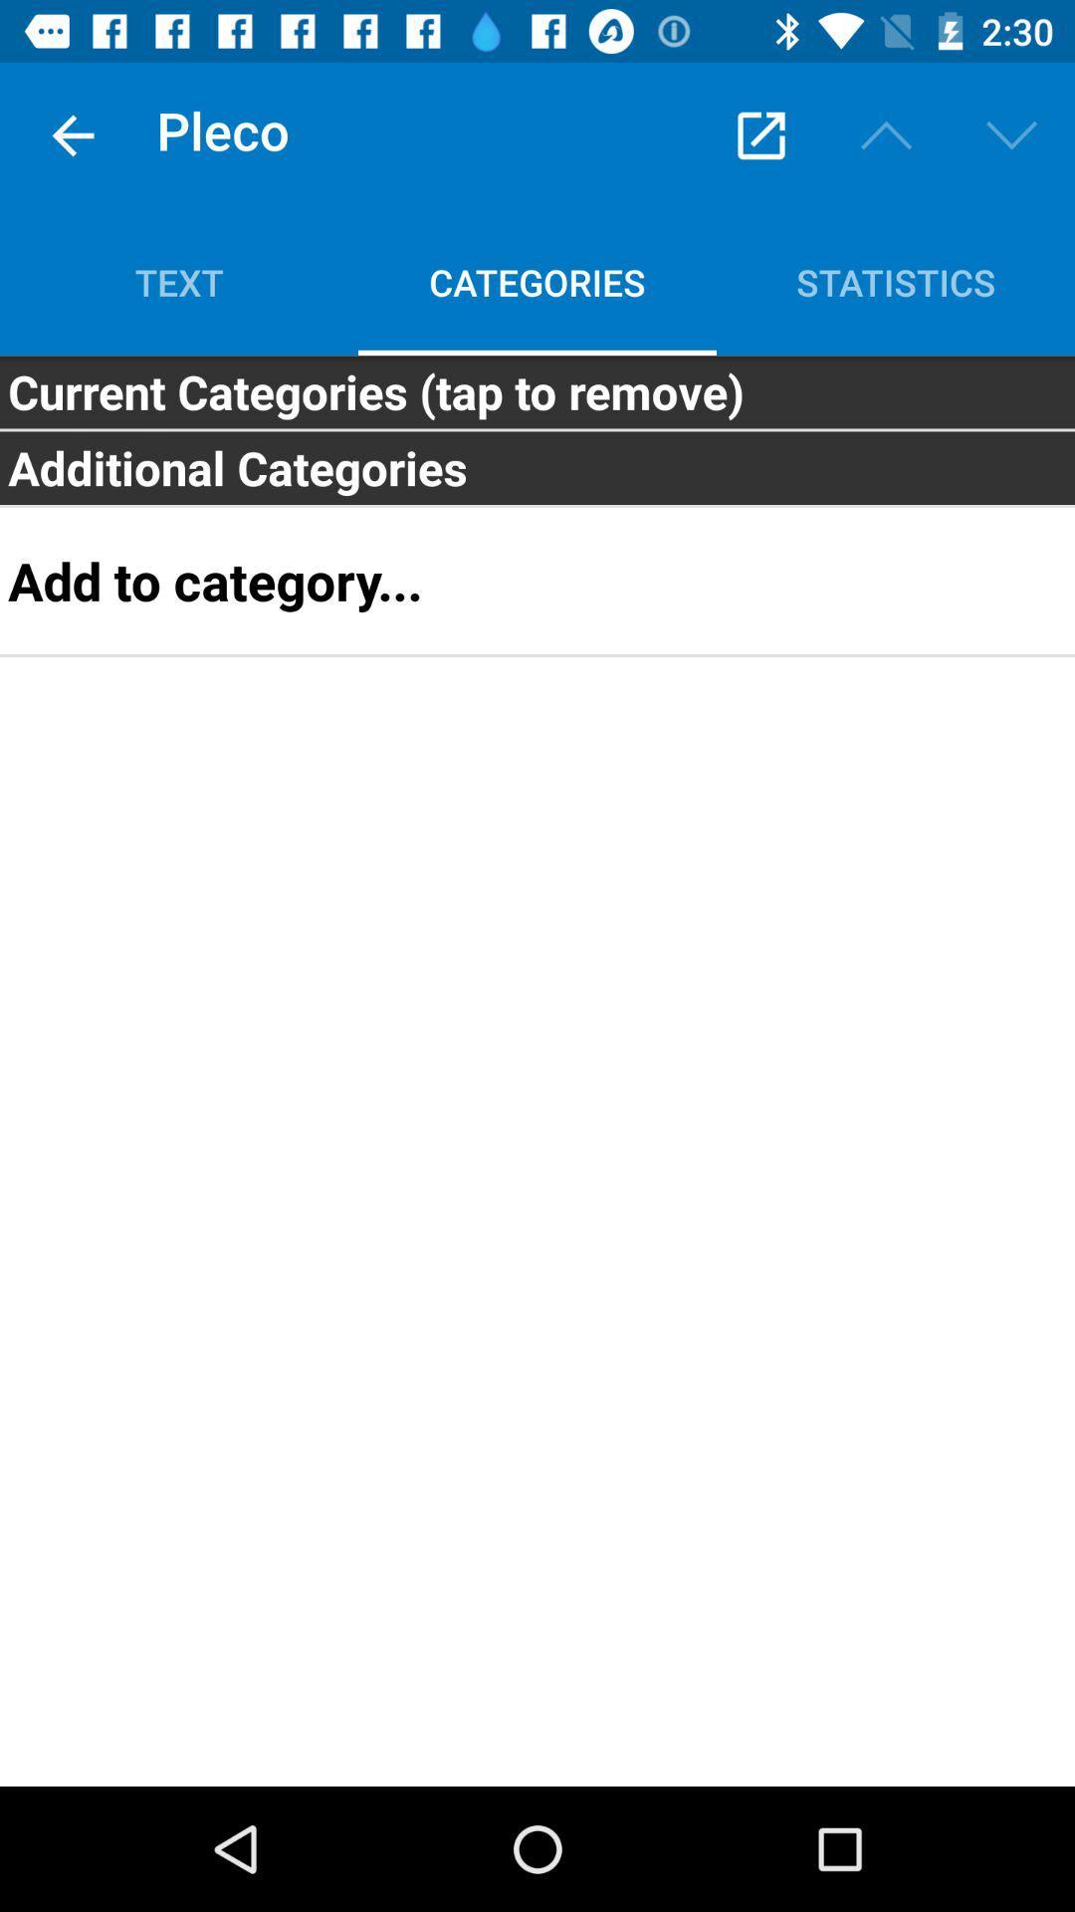  Describe the element at coordinates (894, 281) in the screenshot. I see `icon next to categories item` at that location.